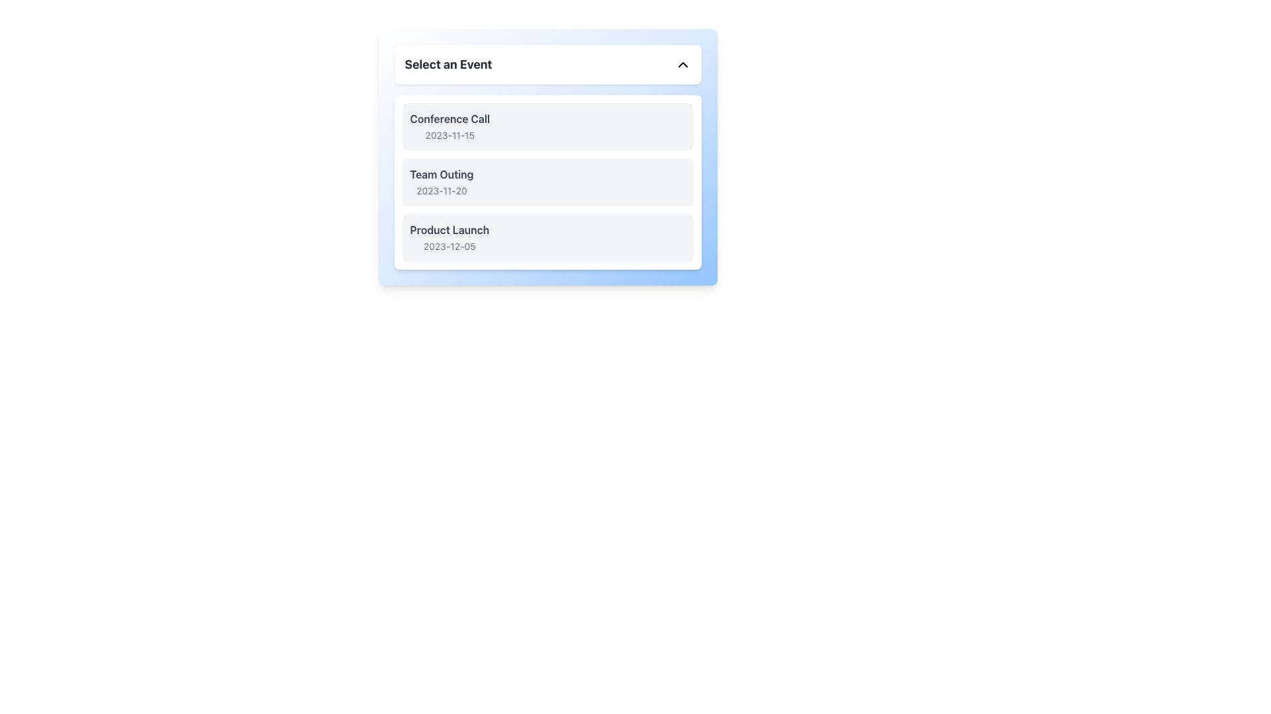 The height and width of the screenshot is (714, 1271). Describe the element at coordinates (449, 246) in the screenshot. I see `the Text Label providing supplemental information about the date associated with the 'Product Launch' option in the dropdown menu titled 'Select an Event'` at that location.